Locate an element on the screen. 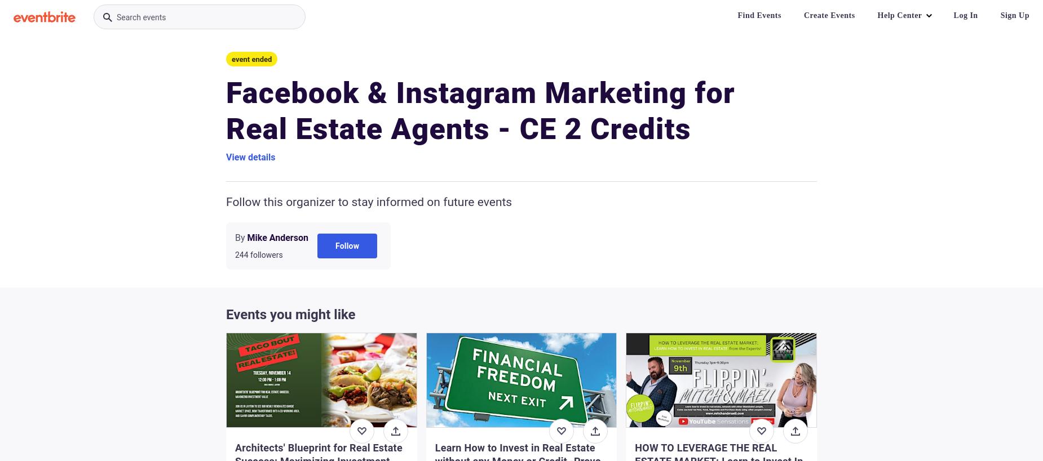  'Sign Up' is located at coordinates (1015, 15).